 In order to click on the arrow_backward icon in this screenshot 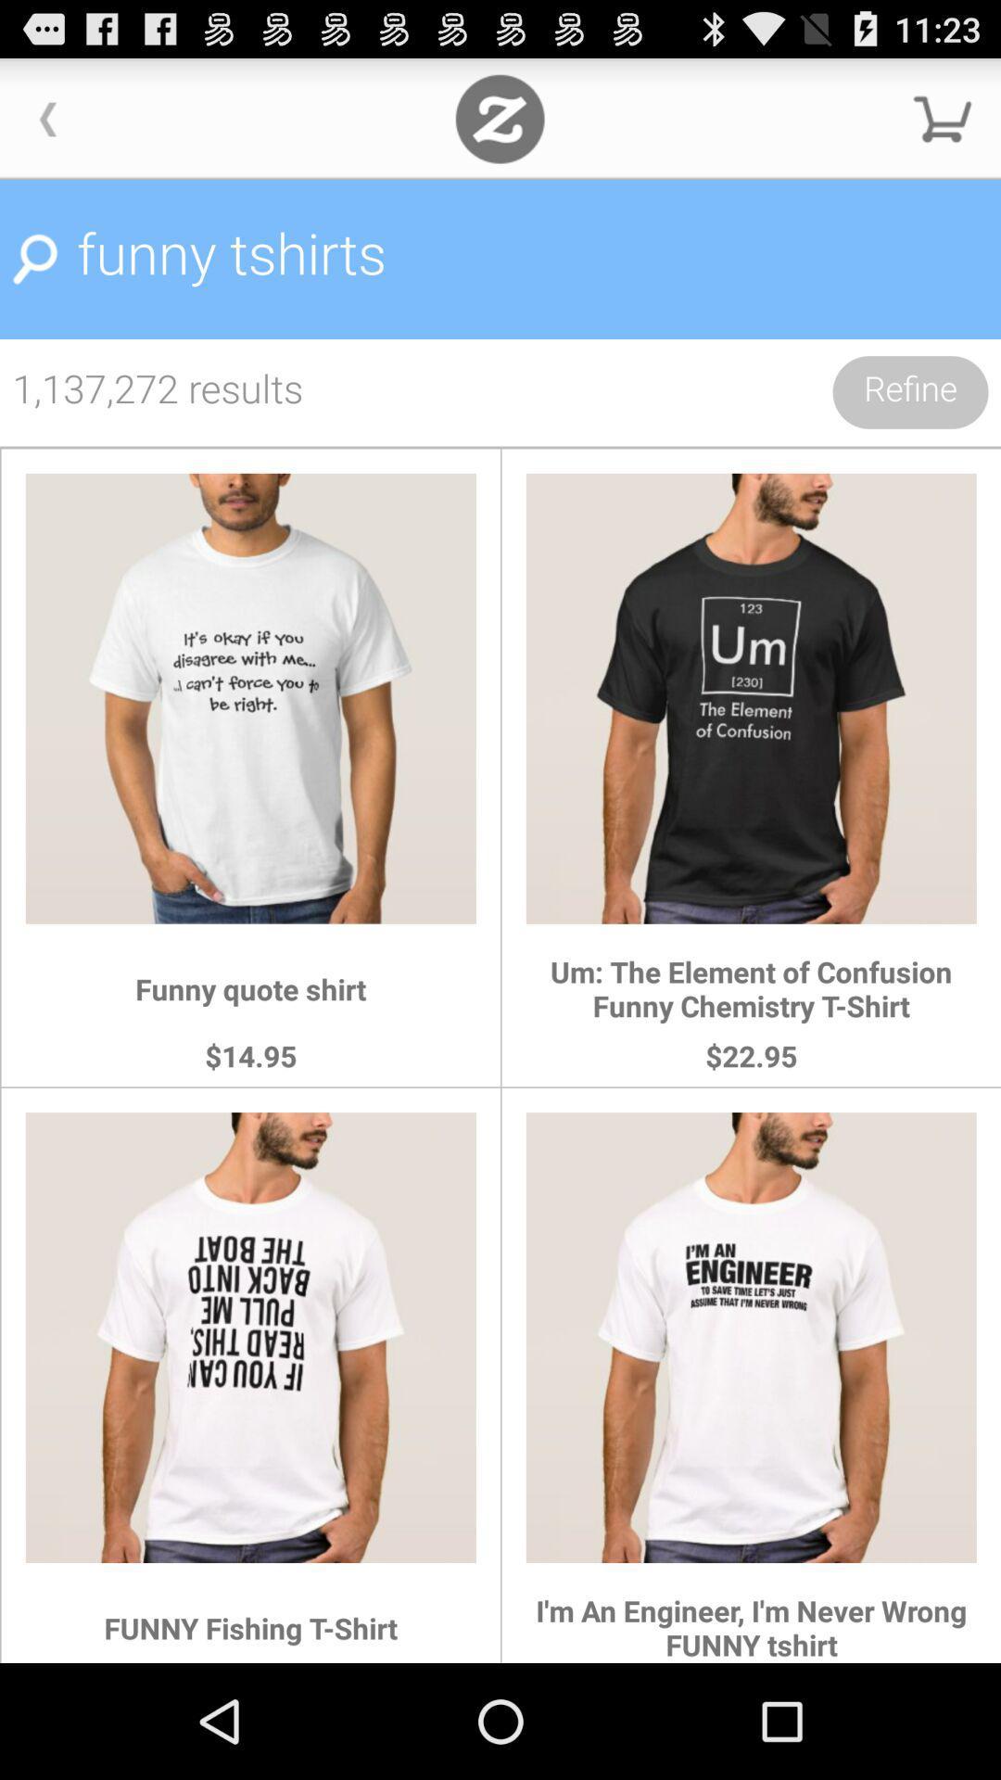, I will do `click(47, 126)`.